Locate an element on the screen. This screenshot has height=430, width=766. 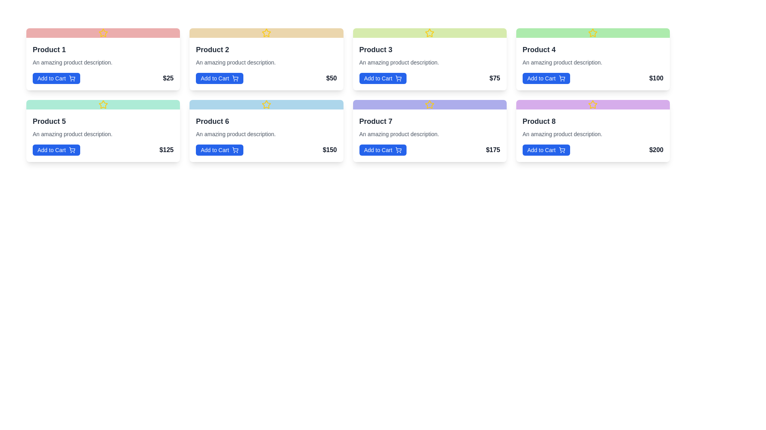
the rectangular blue button labeled 'Add to Cart' with a shopping cart icon is located at coordinates (546, 150).